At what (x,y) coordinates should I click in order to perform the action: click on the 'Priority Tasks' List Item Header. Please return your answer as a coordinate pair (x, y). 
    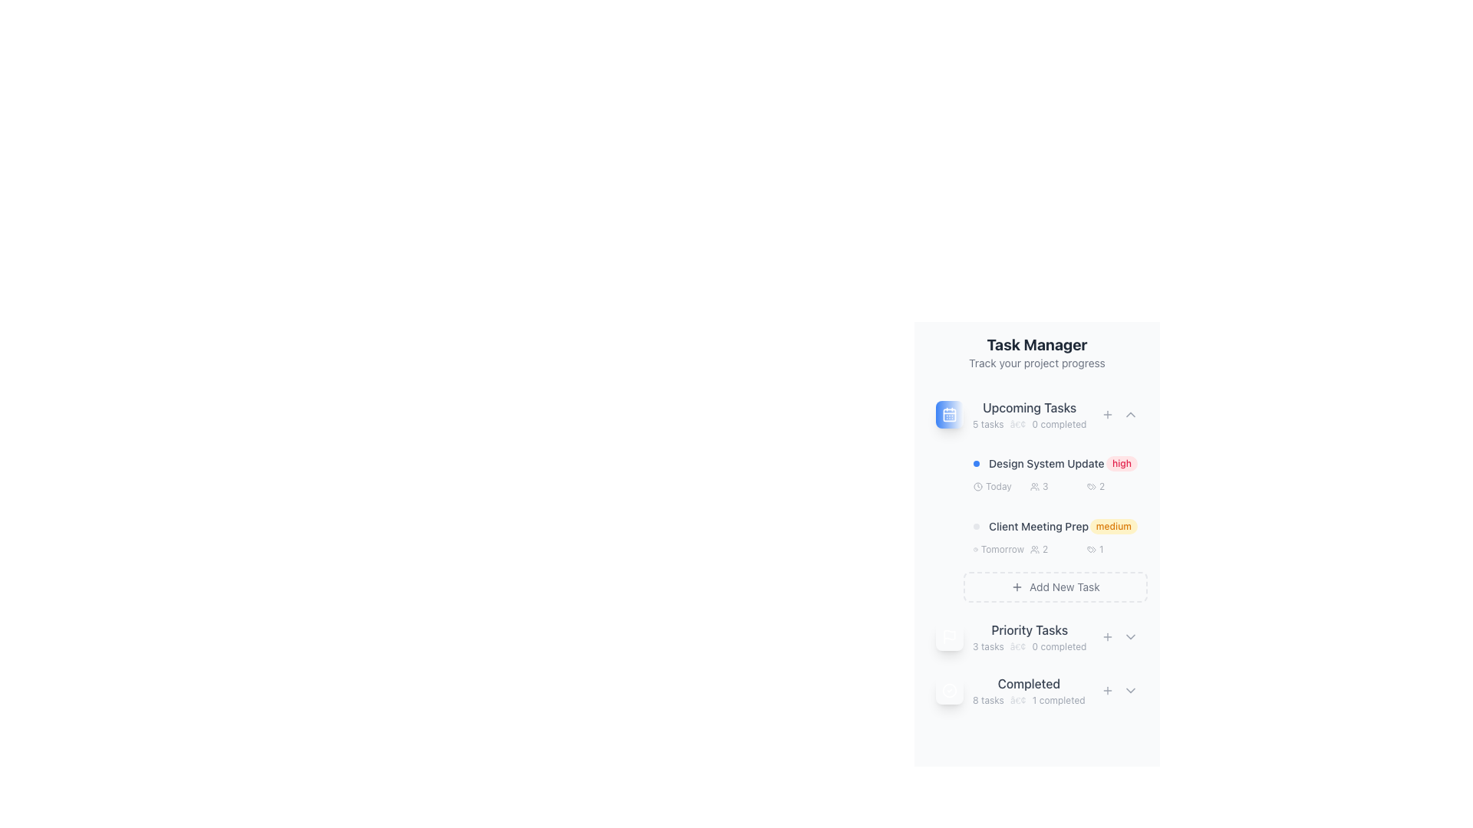
    Looking at the image, I should click on (1011, 636).